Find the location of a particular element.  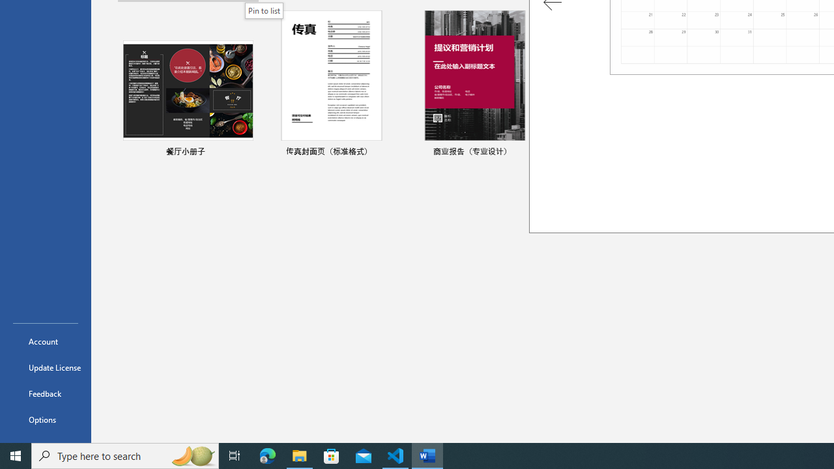

'Account' is located at coordinates (45, 341).